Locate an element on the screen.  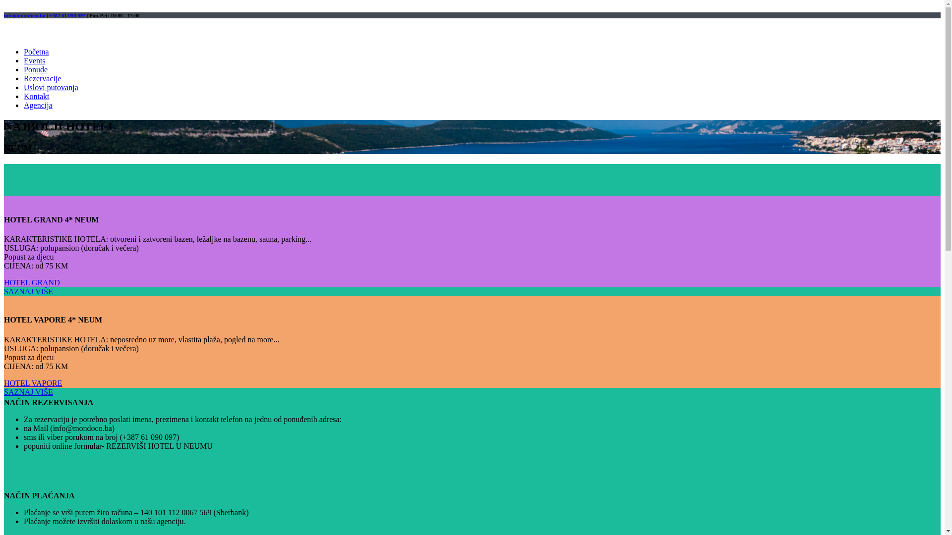
'HOTEL VAPORE' is located at coordinates (33, 382).